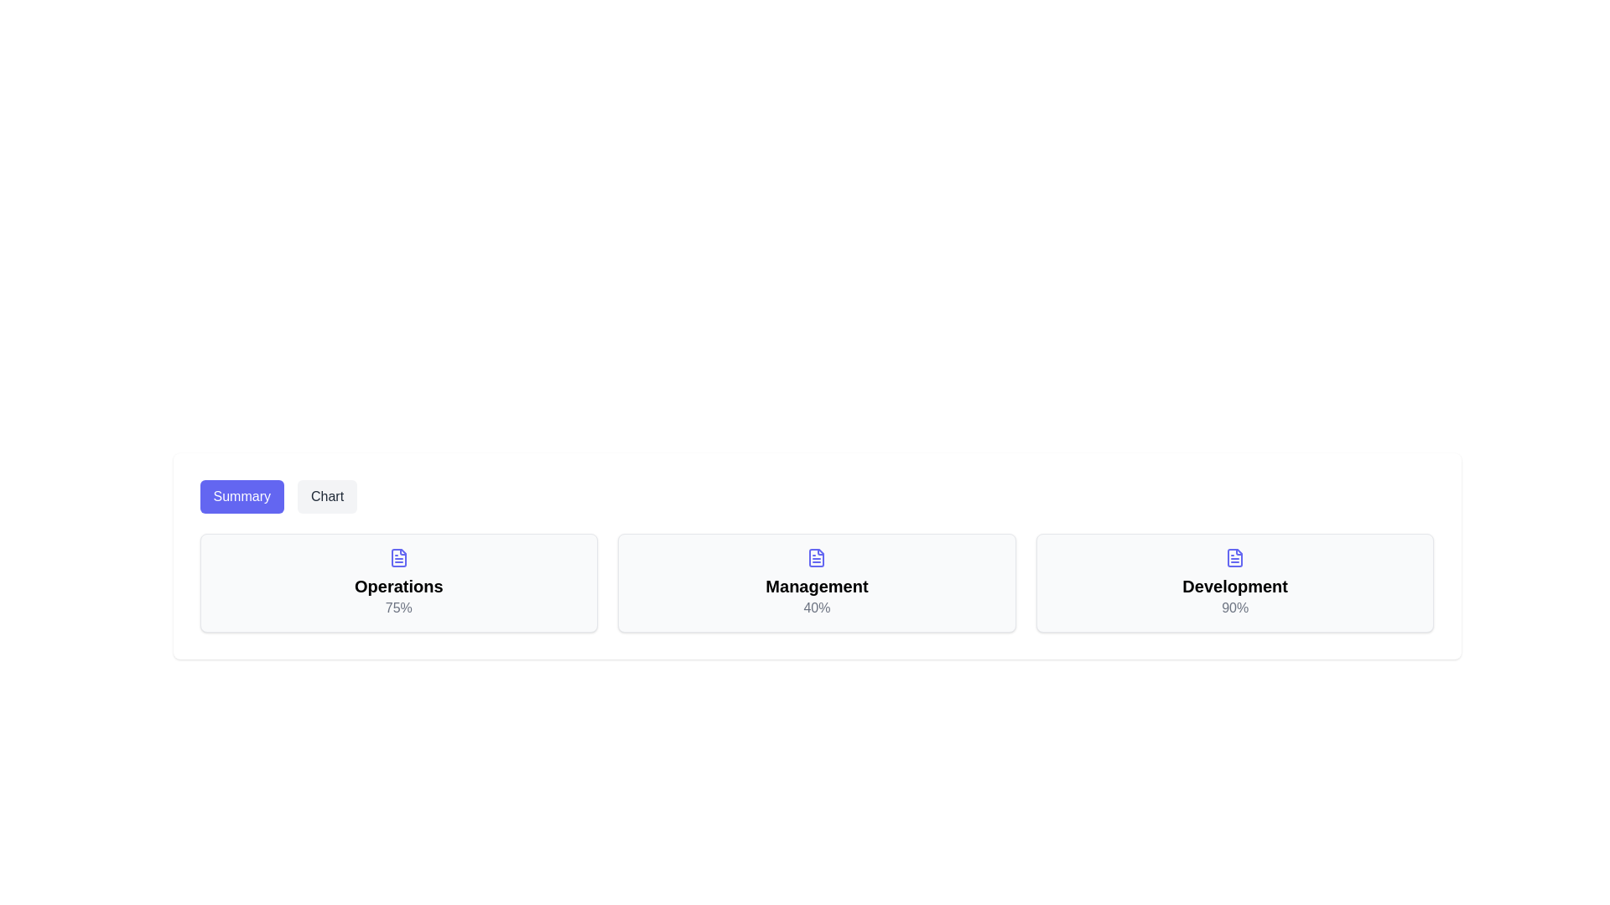  I want to click on the visual representation of the document icon with a blue outline located at the top-left of the Development card, above the text 'Development' and '90%', so click(1235, 558).